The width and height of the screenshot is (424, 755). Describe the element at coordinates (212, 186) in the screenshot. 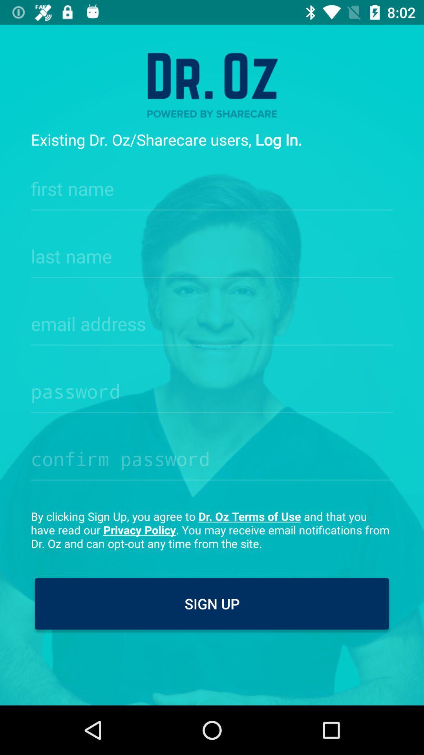

I see `first name` at that location.